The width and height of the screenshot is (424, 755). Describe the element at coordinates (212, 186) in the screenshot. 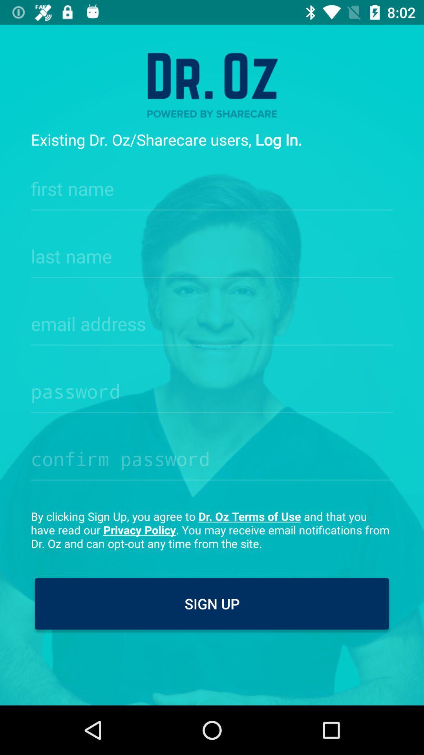

I see `first name` at that location.